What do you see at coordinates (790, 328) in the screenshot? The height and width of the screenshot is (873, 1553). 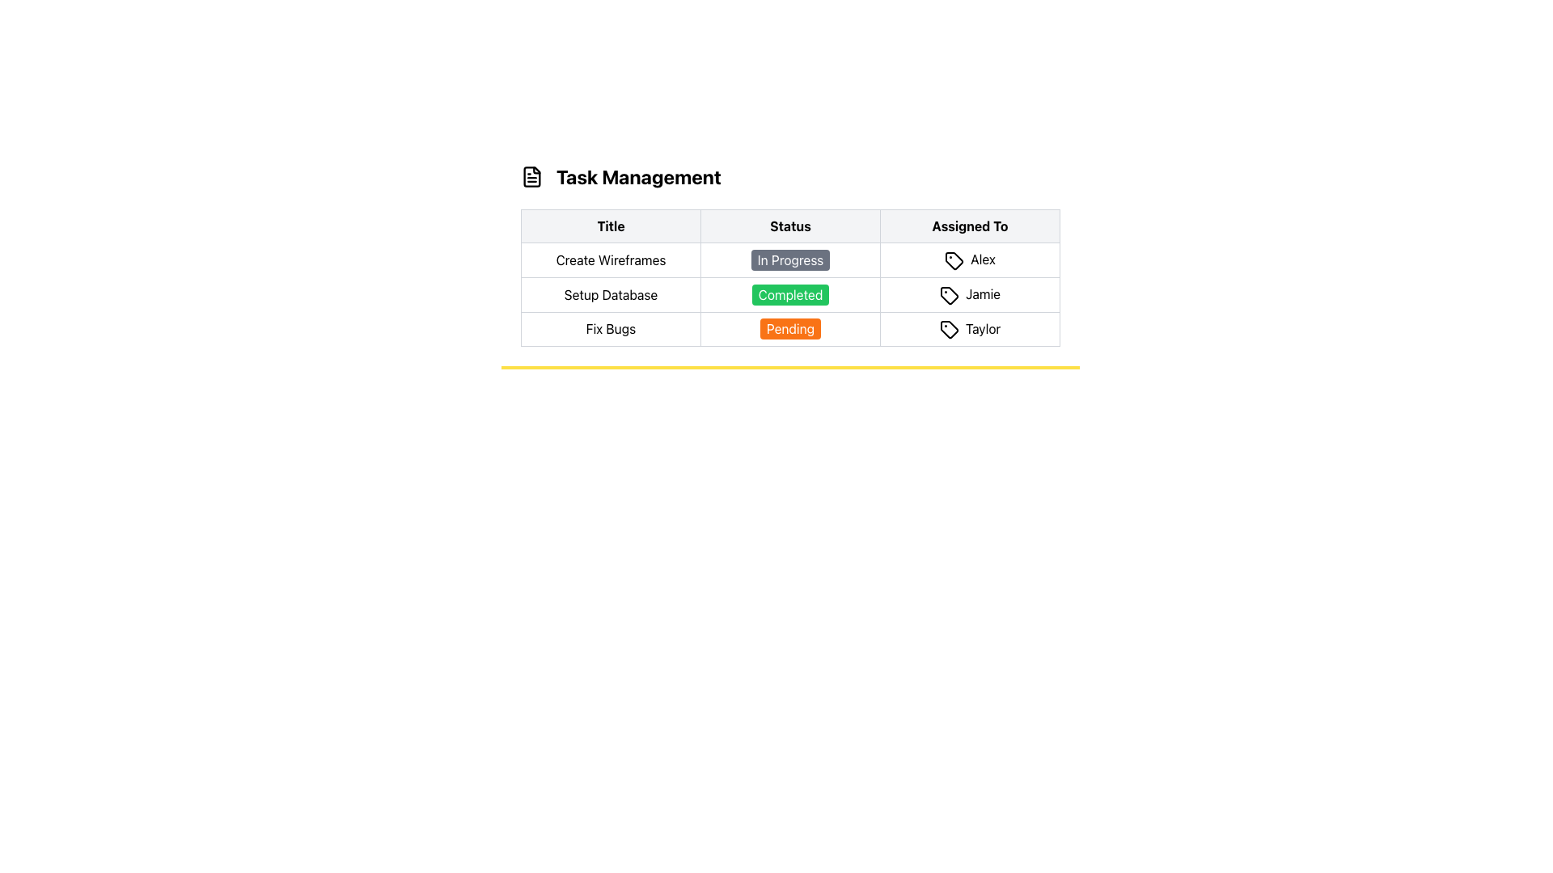 I see `the 'Pending' status label in the third row of the 'Status' column for the 'Fix Bugs' task, which is adjacent to 'Assigned To' entry 'Taylor'` at bounding box center [790, 328].